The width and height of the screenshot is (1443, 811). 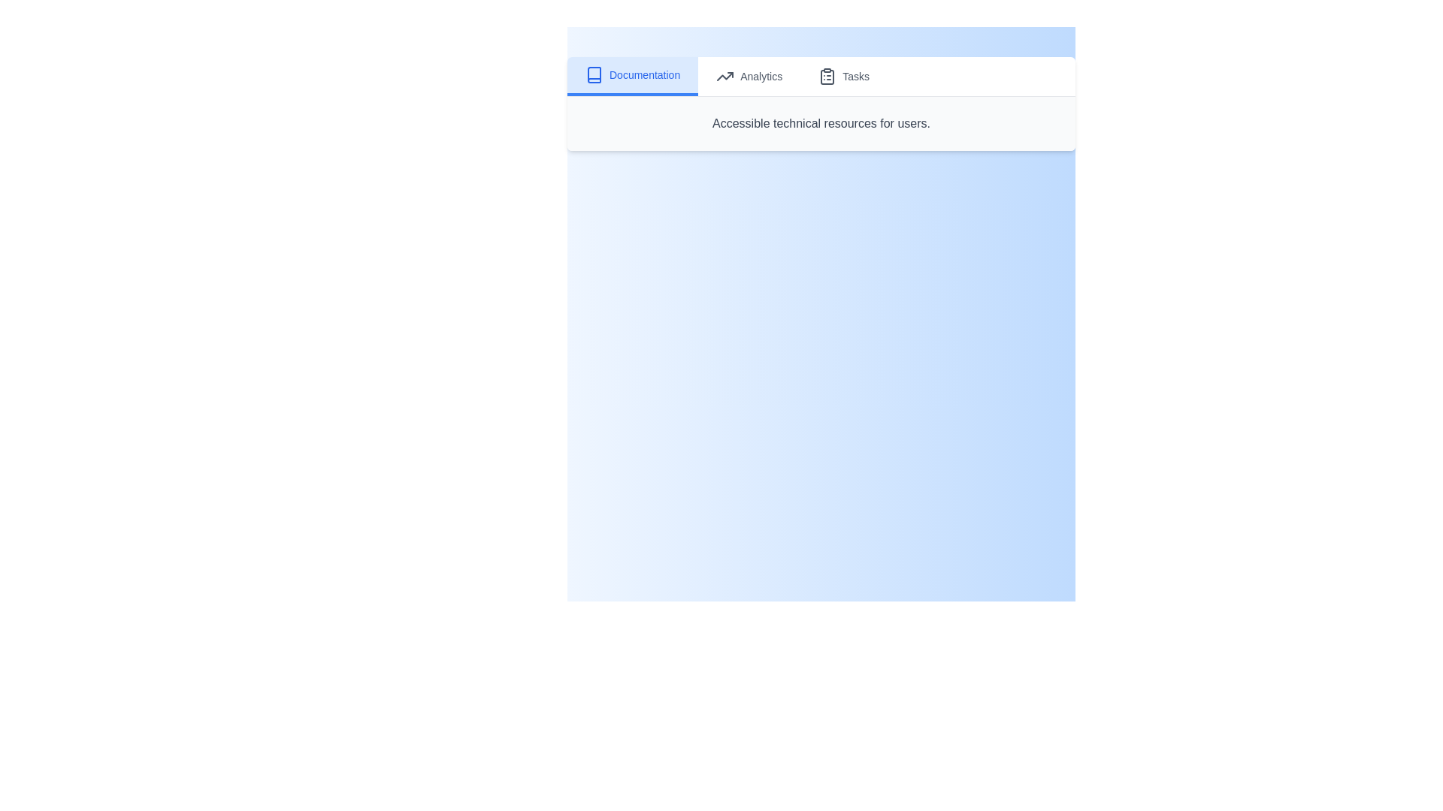 I want to click on the tab named Tasks by clicking on it, so click(x=844, y=76).